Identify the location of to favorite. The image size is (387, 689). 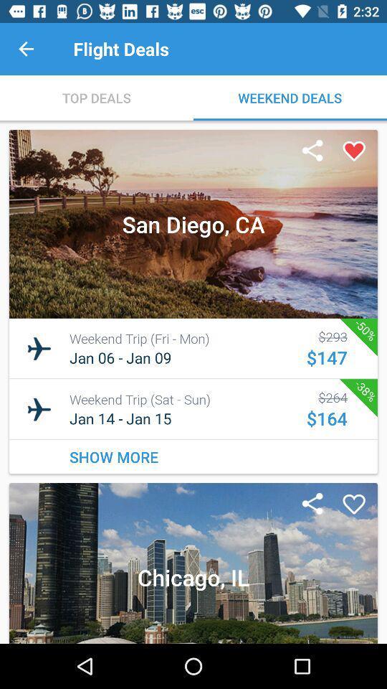
(353, 505).